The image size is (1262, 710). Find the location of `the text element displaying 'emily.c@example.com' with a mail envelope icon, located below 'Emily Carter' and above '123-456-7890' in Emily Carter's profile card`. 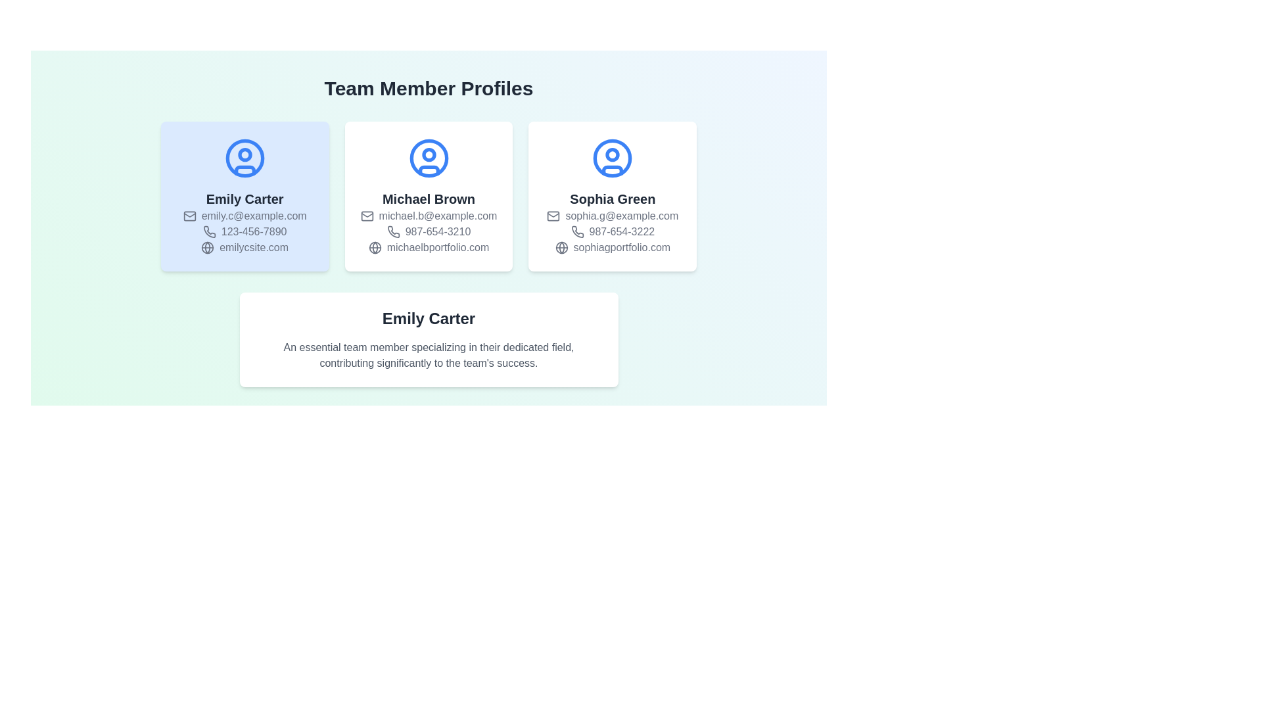

the text element displaying 'emily.c@example.com' with a mail envelope icon, located below 'Emily Carter' and above '123-456-7890' in Emily Carter's profile card is located at coordinates (245, 215).